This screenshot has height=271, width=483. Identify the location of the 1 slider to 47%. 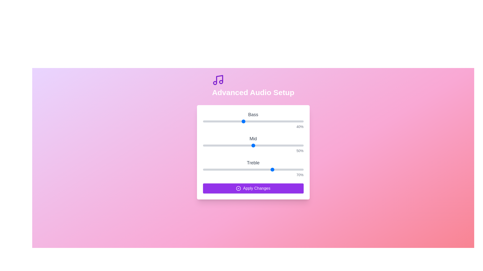
(250, 145).